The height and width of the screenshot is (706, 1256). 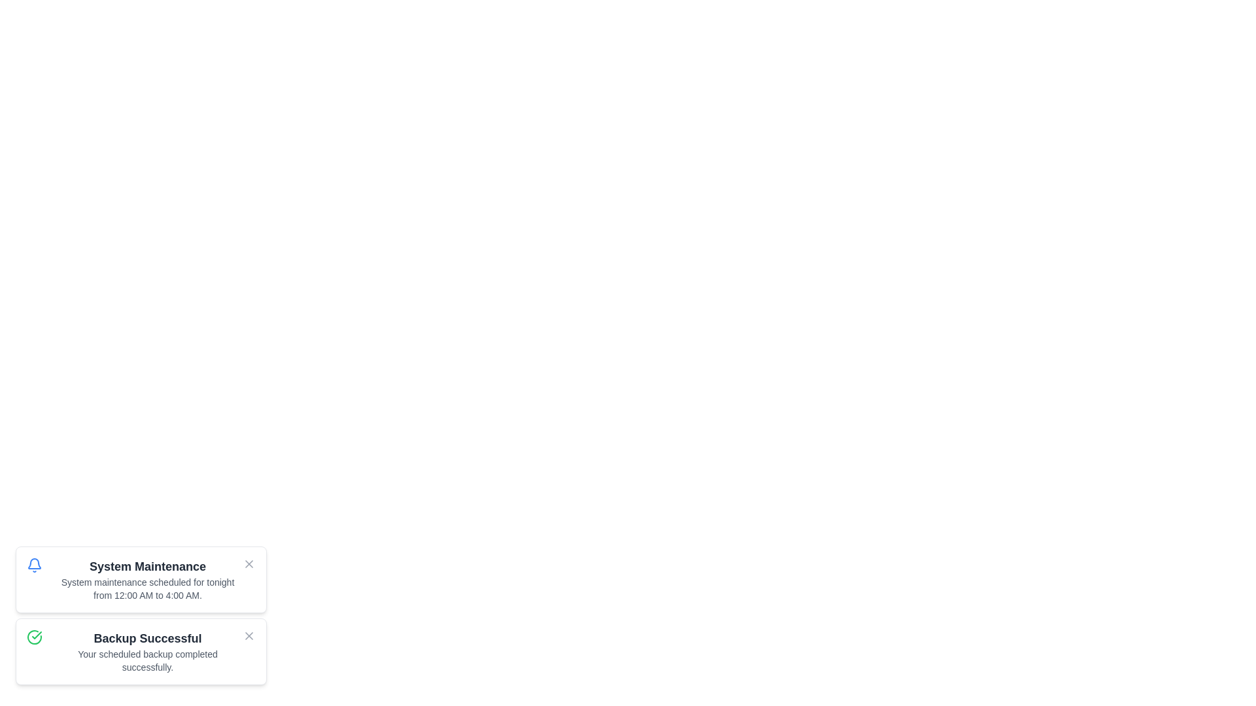 What do you see at coordinates (249, 635) in the screenshot?
I see `the dismiss button located in the top-right corner of the 'Backup Successful' notification card` at bounding box center [249, 635].